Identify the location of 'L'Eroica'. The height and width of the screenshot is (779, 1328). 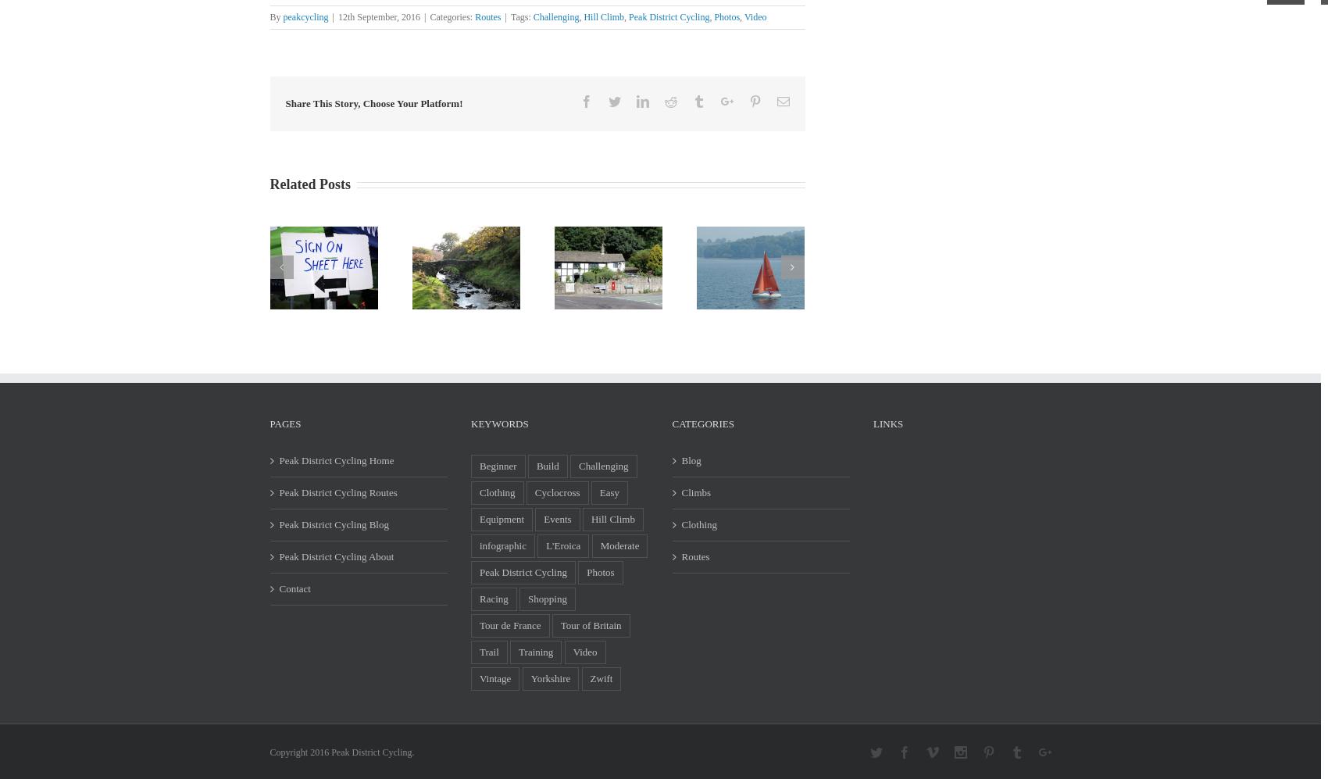
(562, 545).